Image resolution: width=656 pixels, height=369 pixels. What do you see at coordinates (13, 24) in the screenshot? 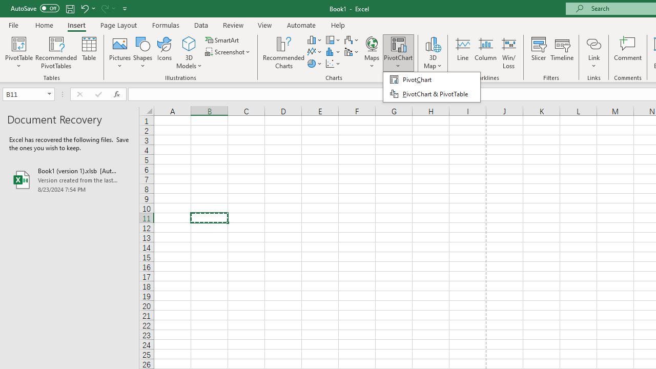
I see `'File Tab'` at bounding box center [13, 24].